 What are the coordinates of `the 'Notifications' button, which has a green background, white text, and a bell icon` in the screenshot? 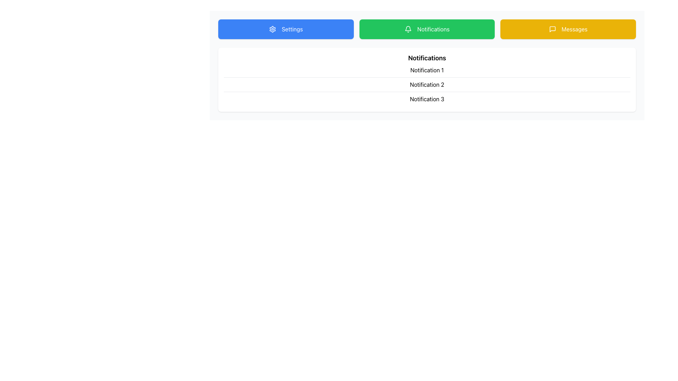 It's located at (427, 29).